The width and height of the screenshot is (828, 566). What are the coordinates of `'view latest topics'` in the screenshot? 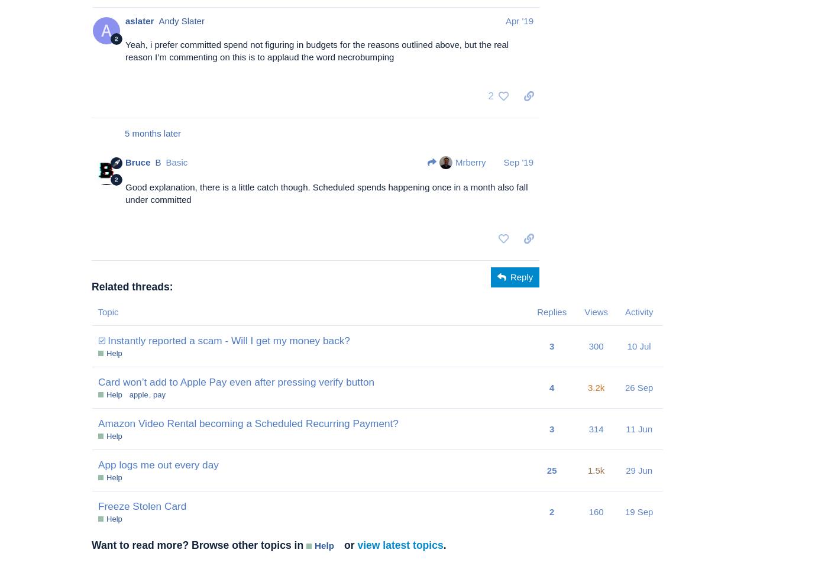 It's located at (357, 545).